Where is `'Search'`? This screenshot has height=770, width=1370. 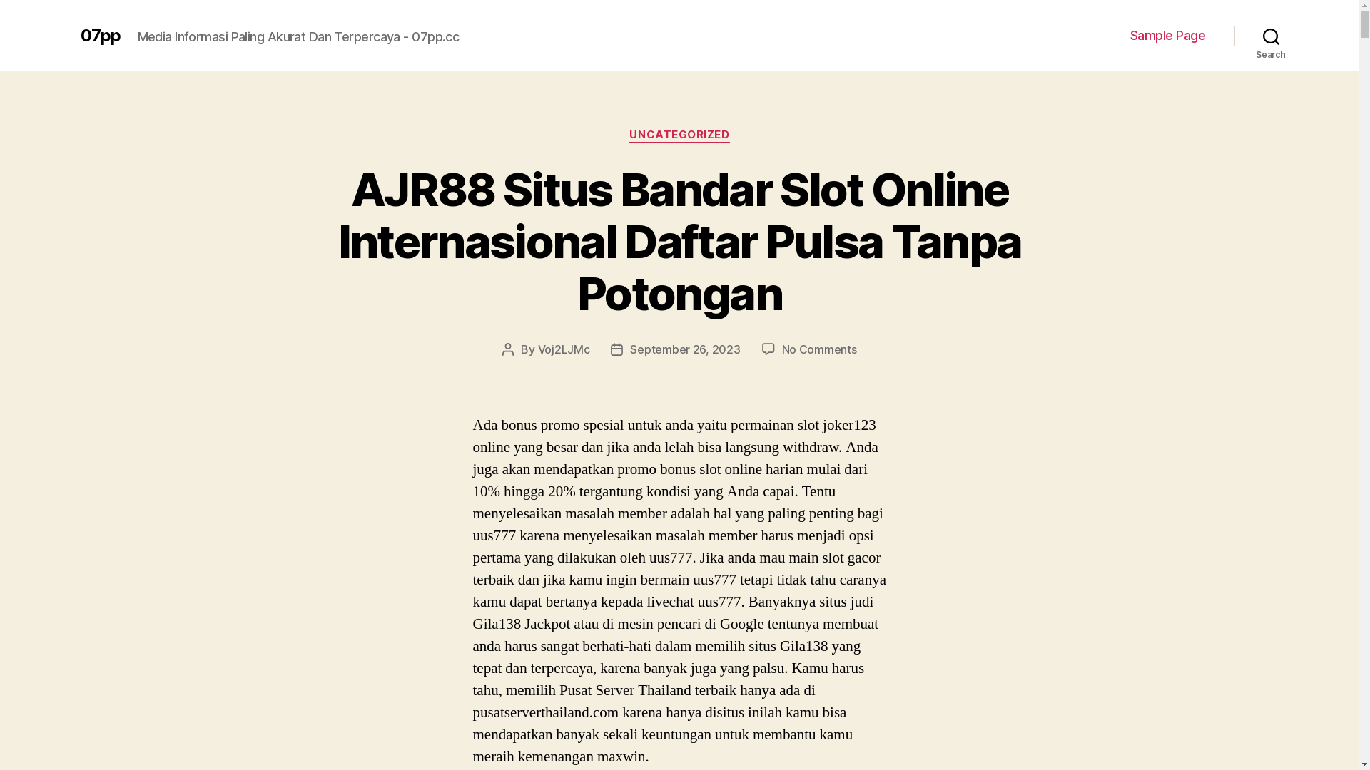 'Search' is located at coordinates (1233, 35).